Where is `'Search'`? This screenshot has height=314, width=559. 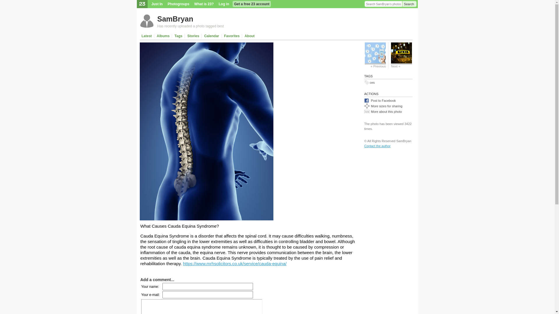 'Search' is located at coordinates (409, 4).